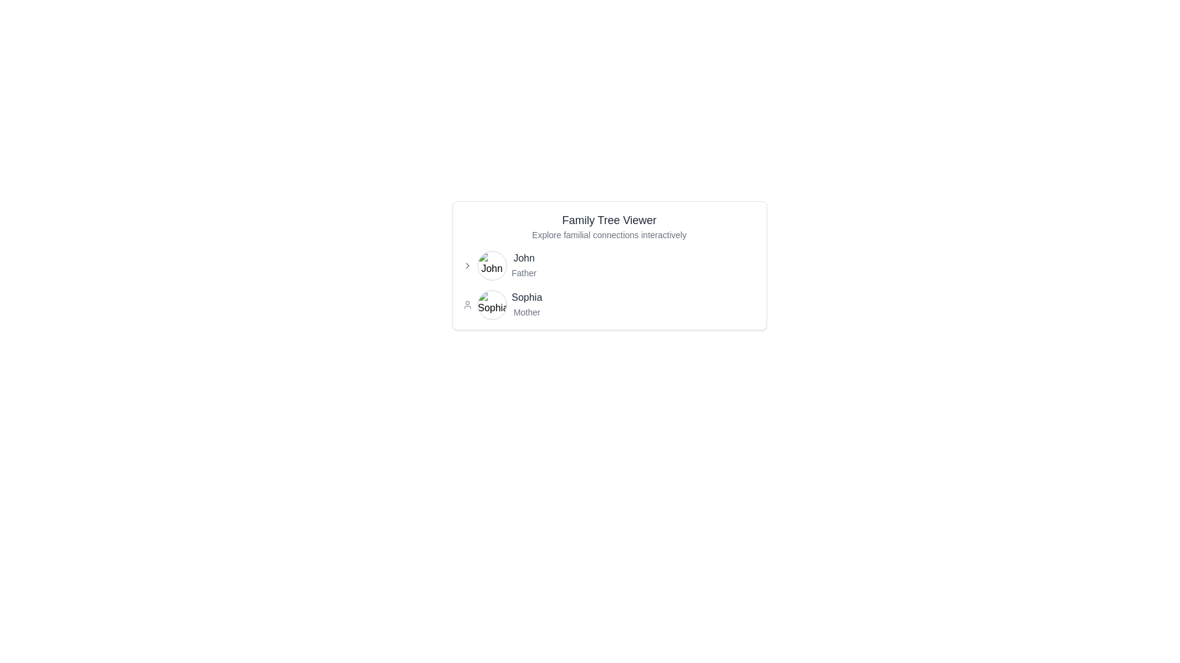 The height and width of the screenshot is (663, 1180). What do you see at coordinates (466, 304) in the screenshot?
I see `the user avatar icon, which is a small gray icon representing a person, positioned to the left of the text label 'Sophia' in the 'SophiaMother' component` at bounding box center [466, 304].